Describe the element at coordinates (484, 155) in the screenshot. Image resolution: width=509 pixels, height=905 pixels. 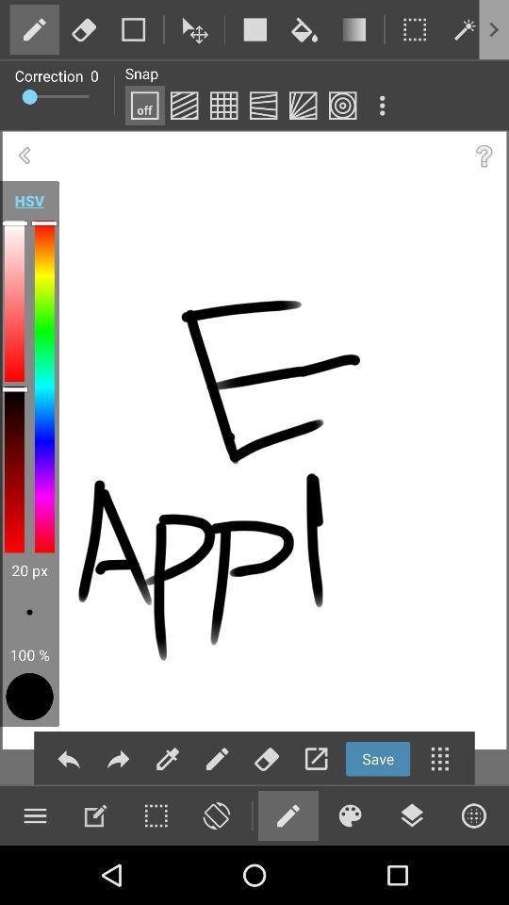
I see `the question mark icon` at that location.